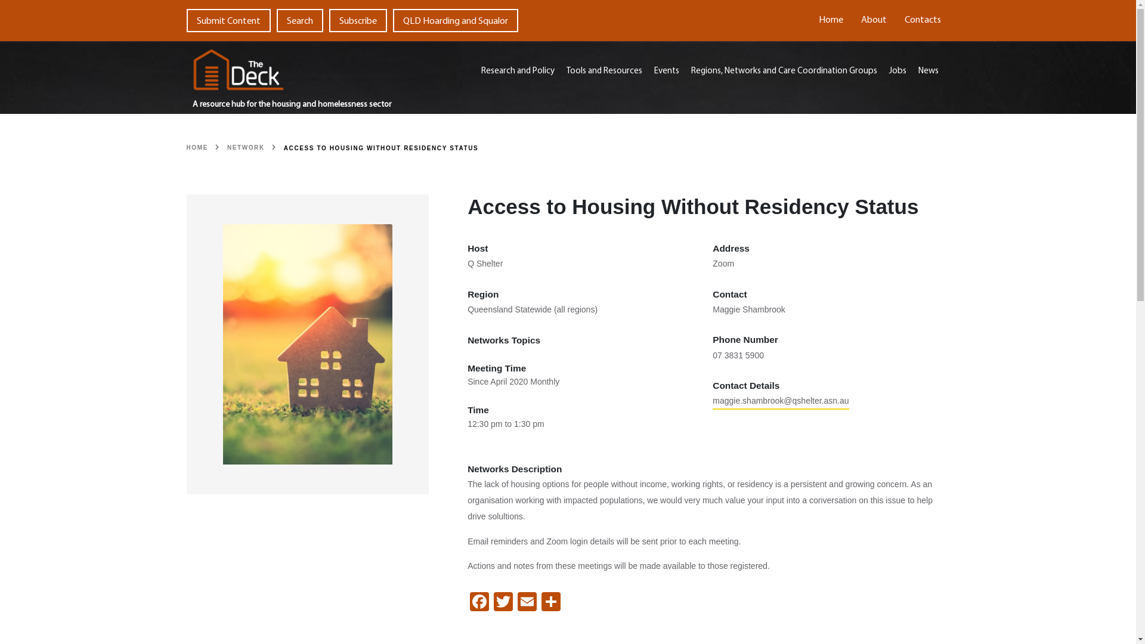 The height and width of the screenshot is (644, 1145). What do you see at coordinates (550, 603) in the screenshot?
I see `'Share'` at bounding box center [550, 603].